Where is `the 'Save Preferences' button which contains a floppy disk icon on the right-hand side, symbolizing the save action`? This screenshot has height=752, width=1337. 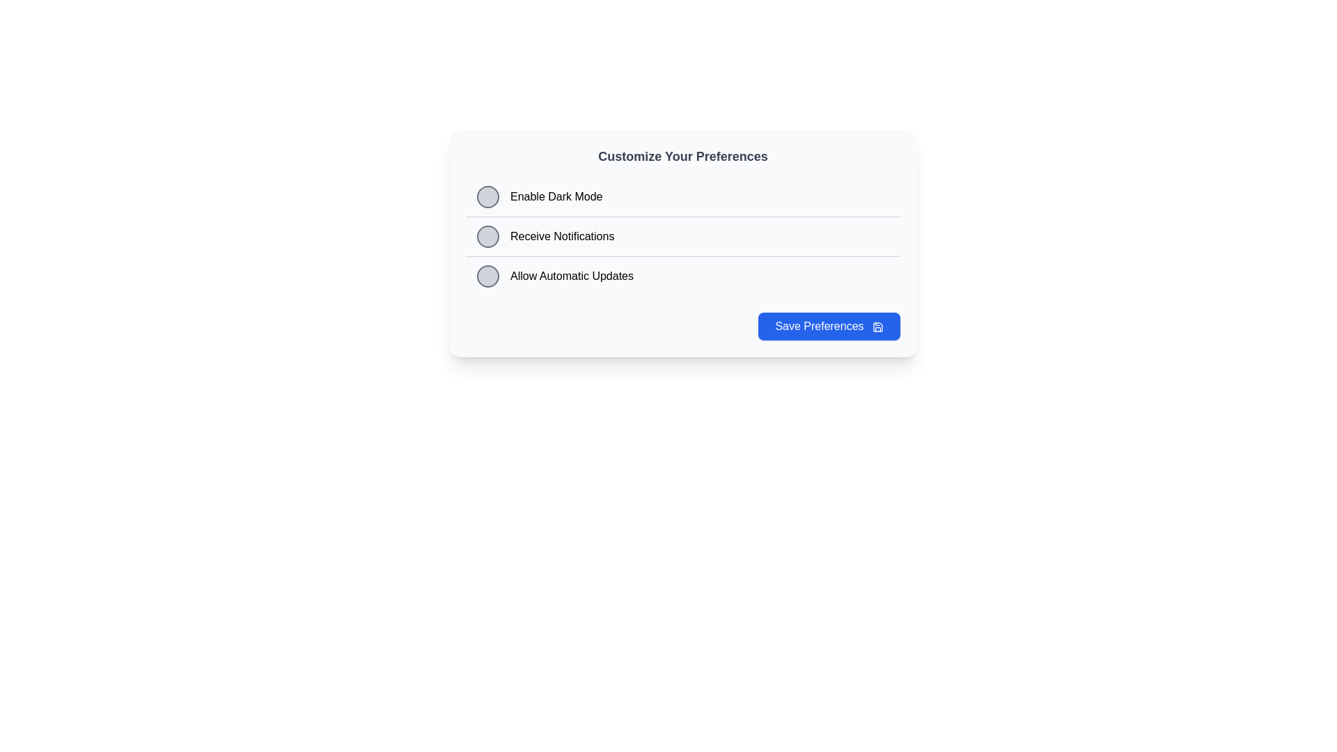 the 'Save Preferences' button which contains a floppy disk icon on the right-hand side, symbolizing the save action is located at coordinates (877, 327).